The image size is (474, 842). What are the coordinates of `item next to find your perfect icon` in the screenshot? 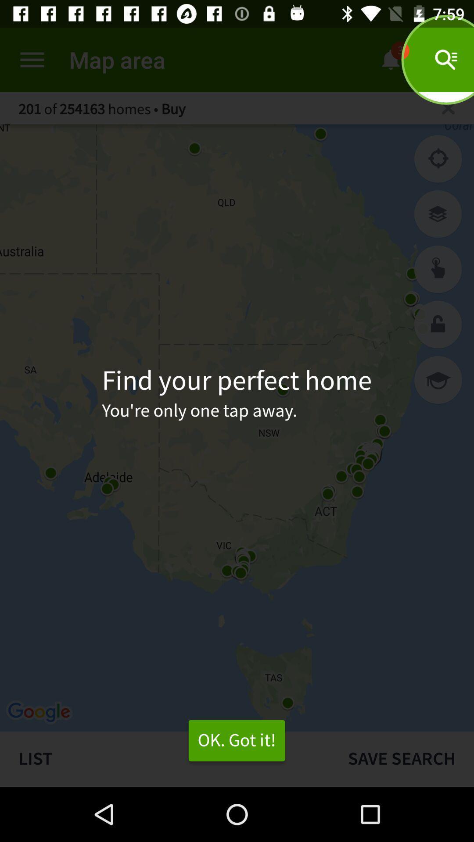 It's located at (438, 380).